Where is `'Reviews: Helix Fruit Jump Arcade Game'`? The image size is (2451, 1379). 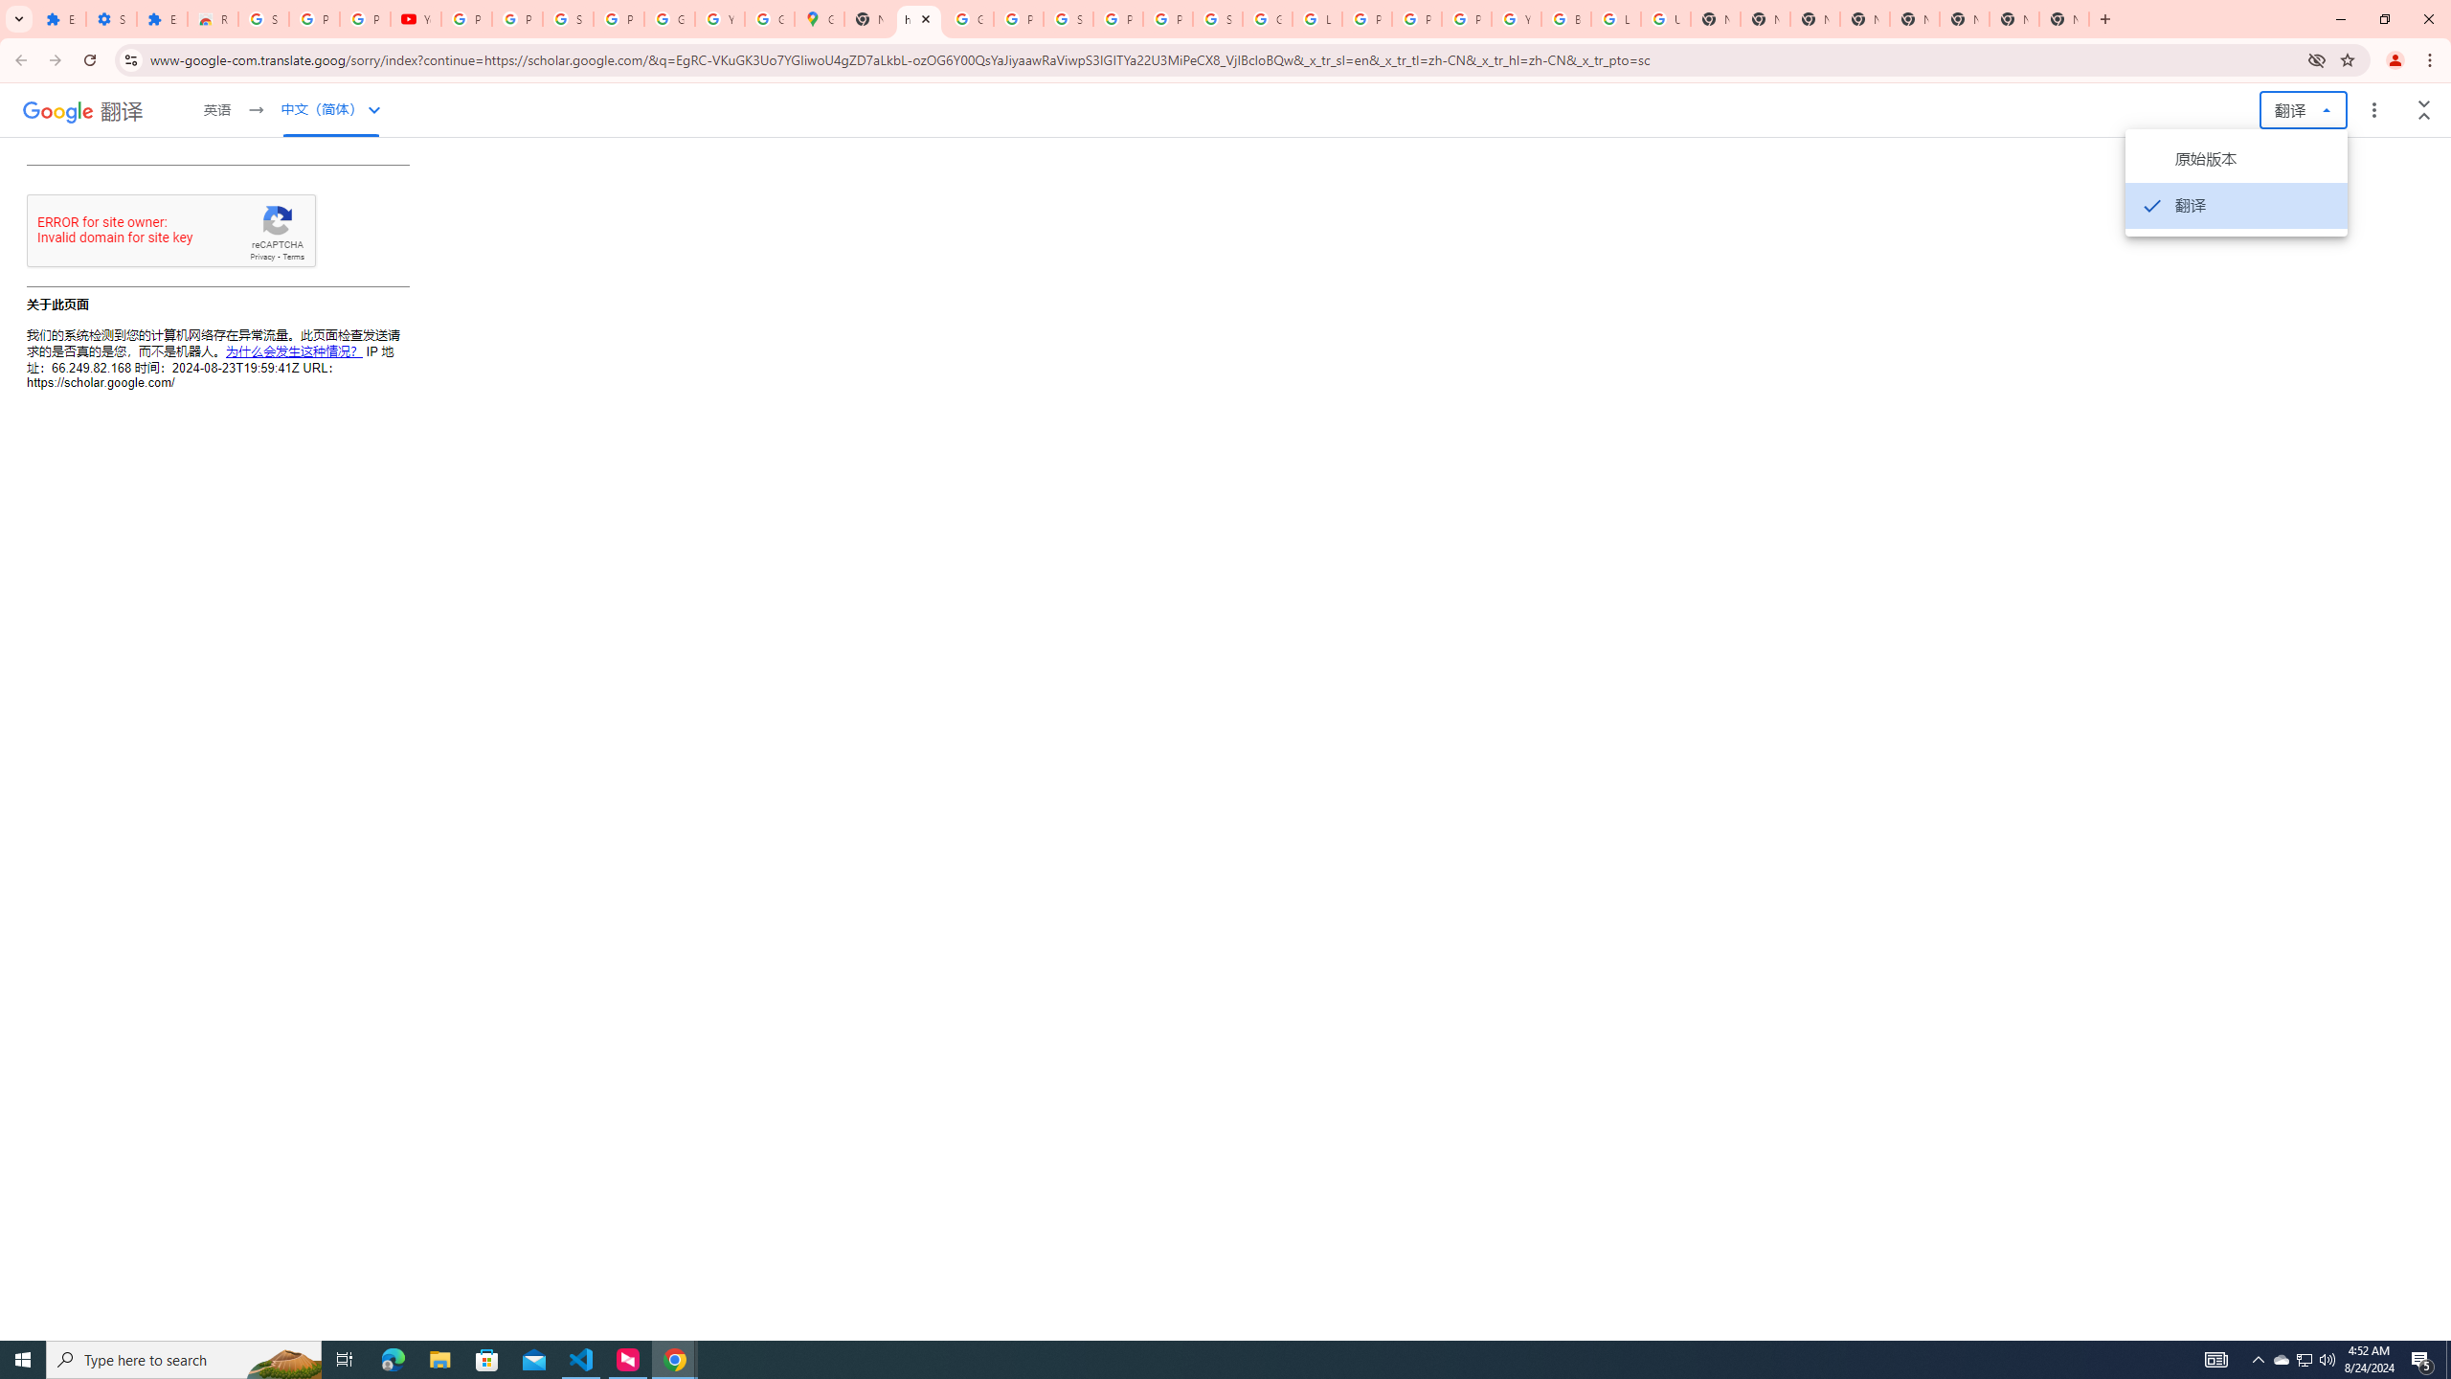
'Reviews: Helix Fruit Jump Arcade Game' is located at coordinates (212, 18).